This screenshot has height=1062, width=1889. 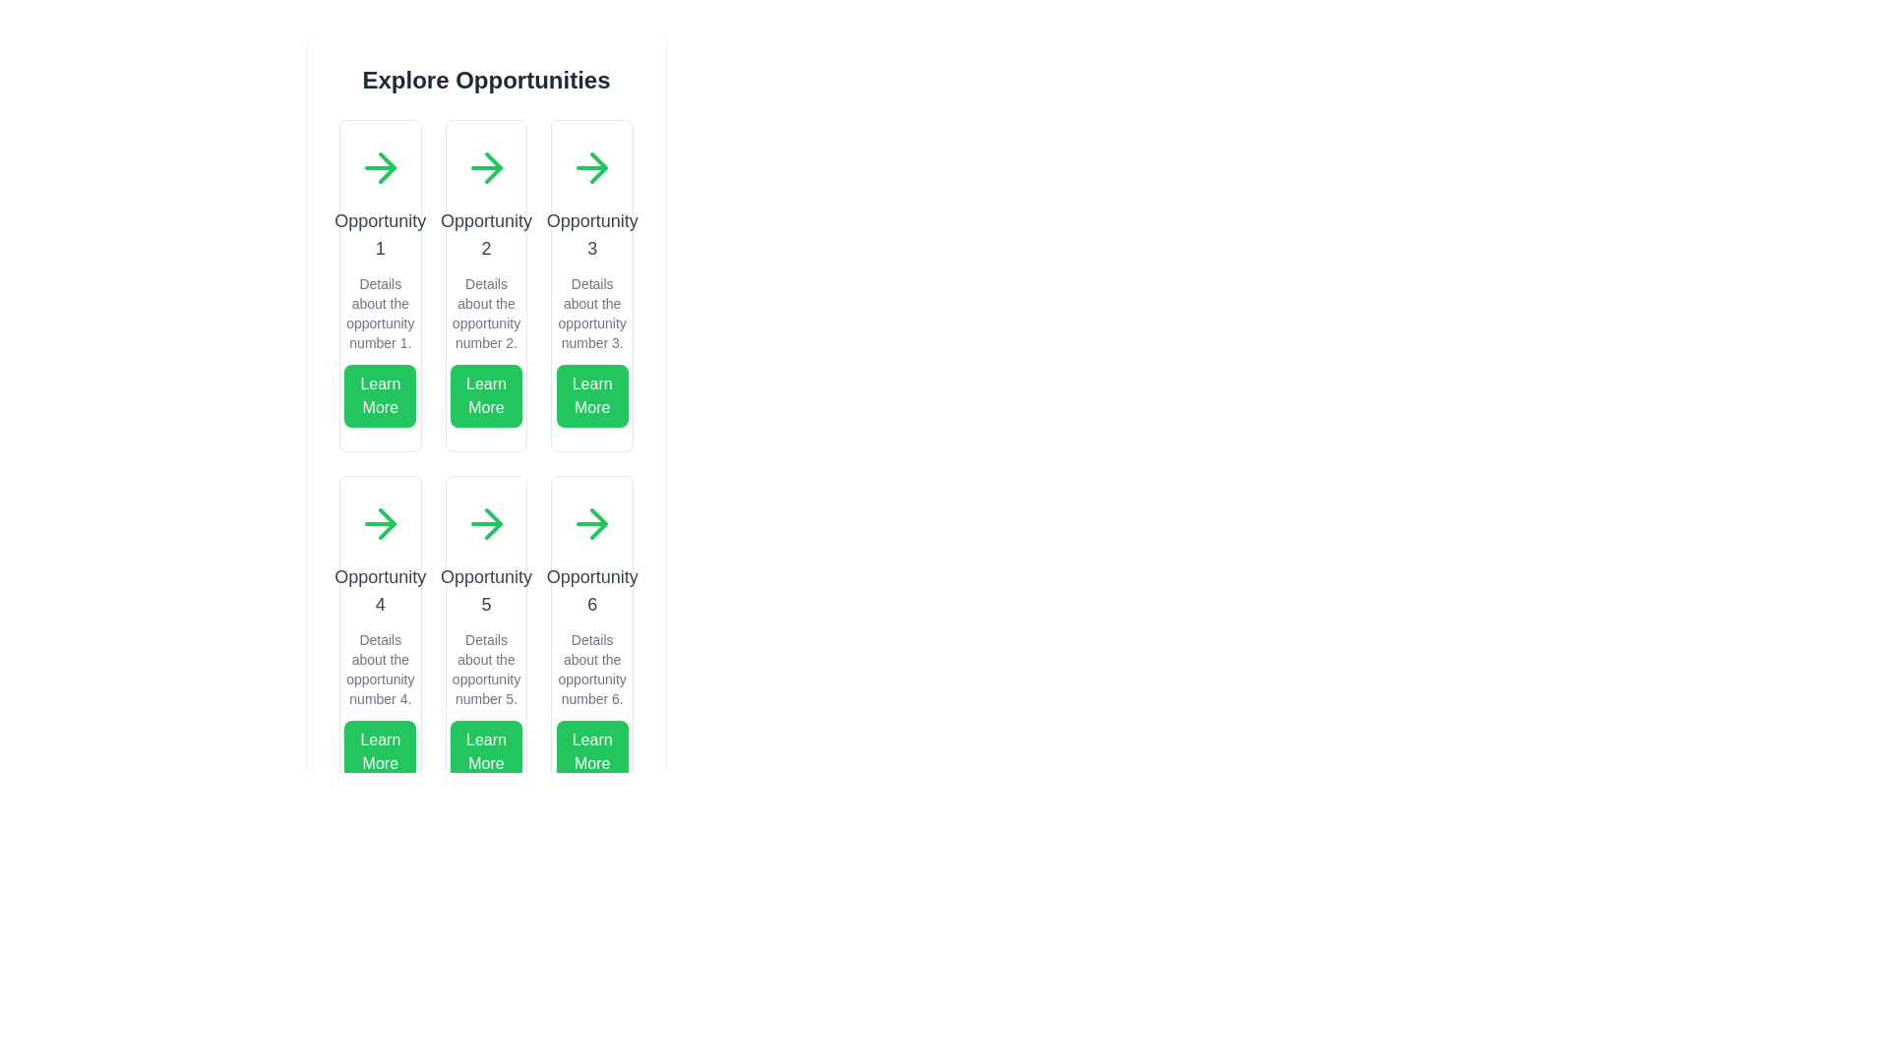 What do you see at coordinates (591, 641) in the screenshot?
I see `details presented in the Card about Opportunity 6, which is the last item in the grid structure, located in the third column of the second row` at bounding box center [591, 641].